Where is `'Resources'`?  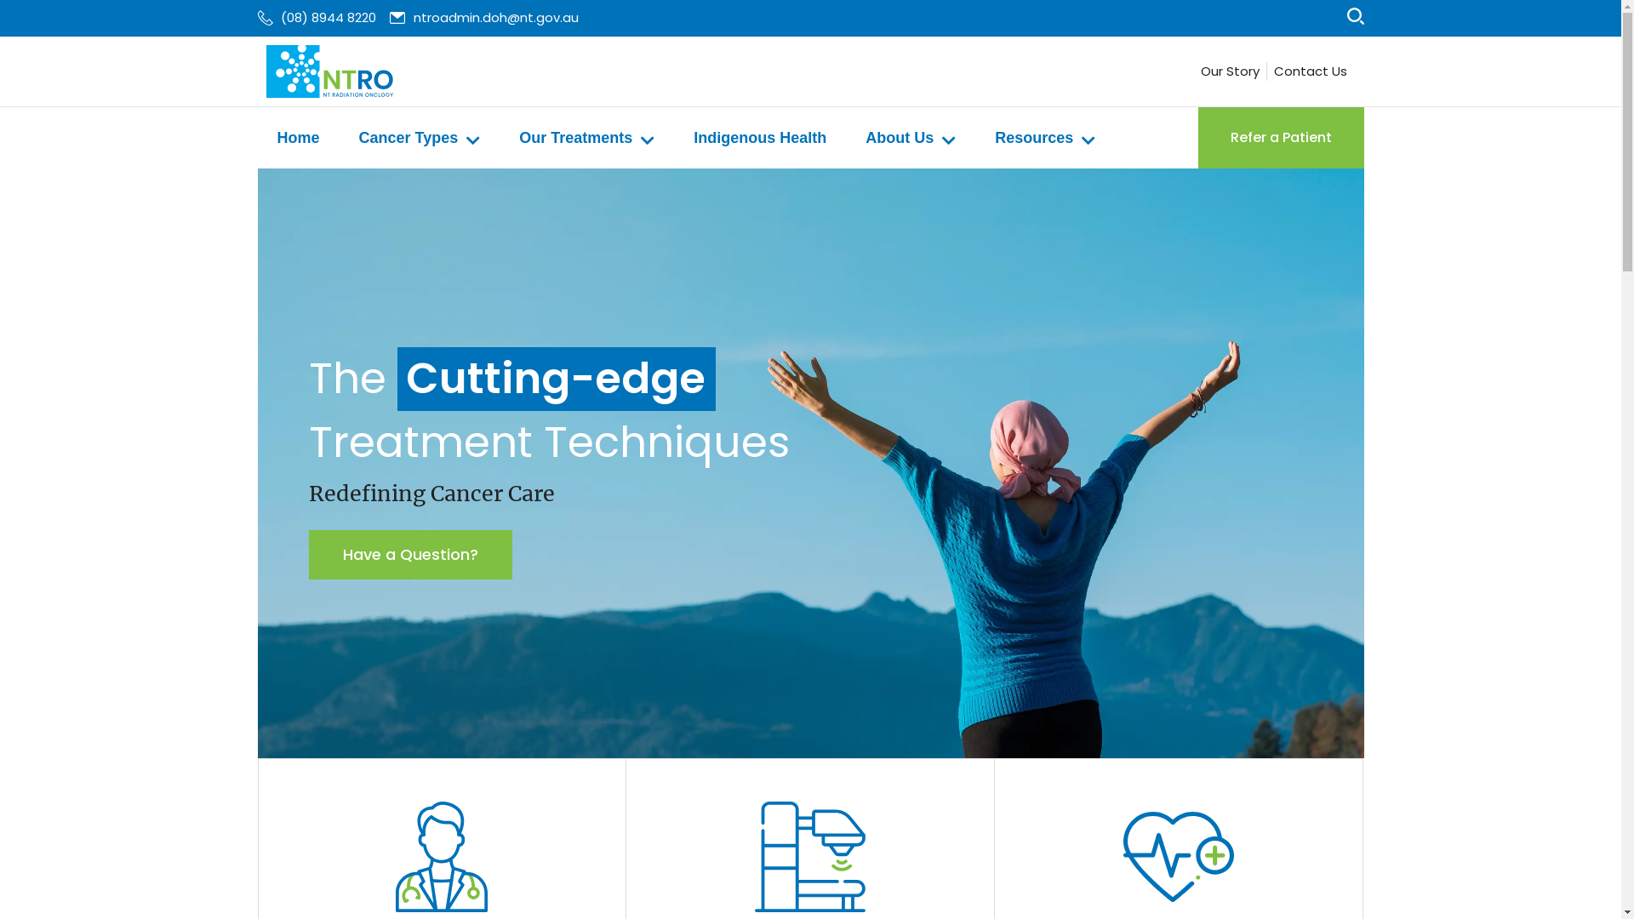 'Resources' is located at coordinates (1044, 137).